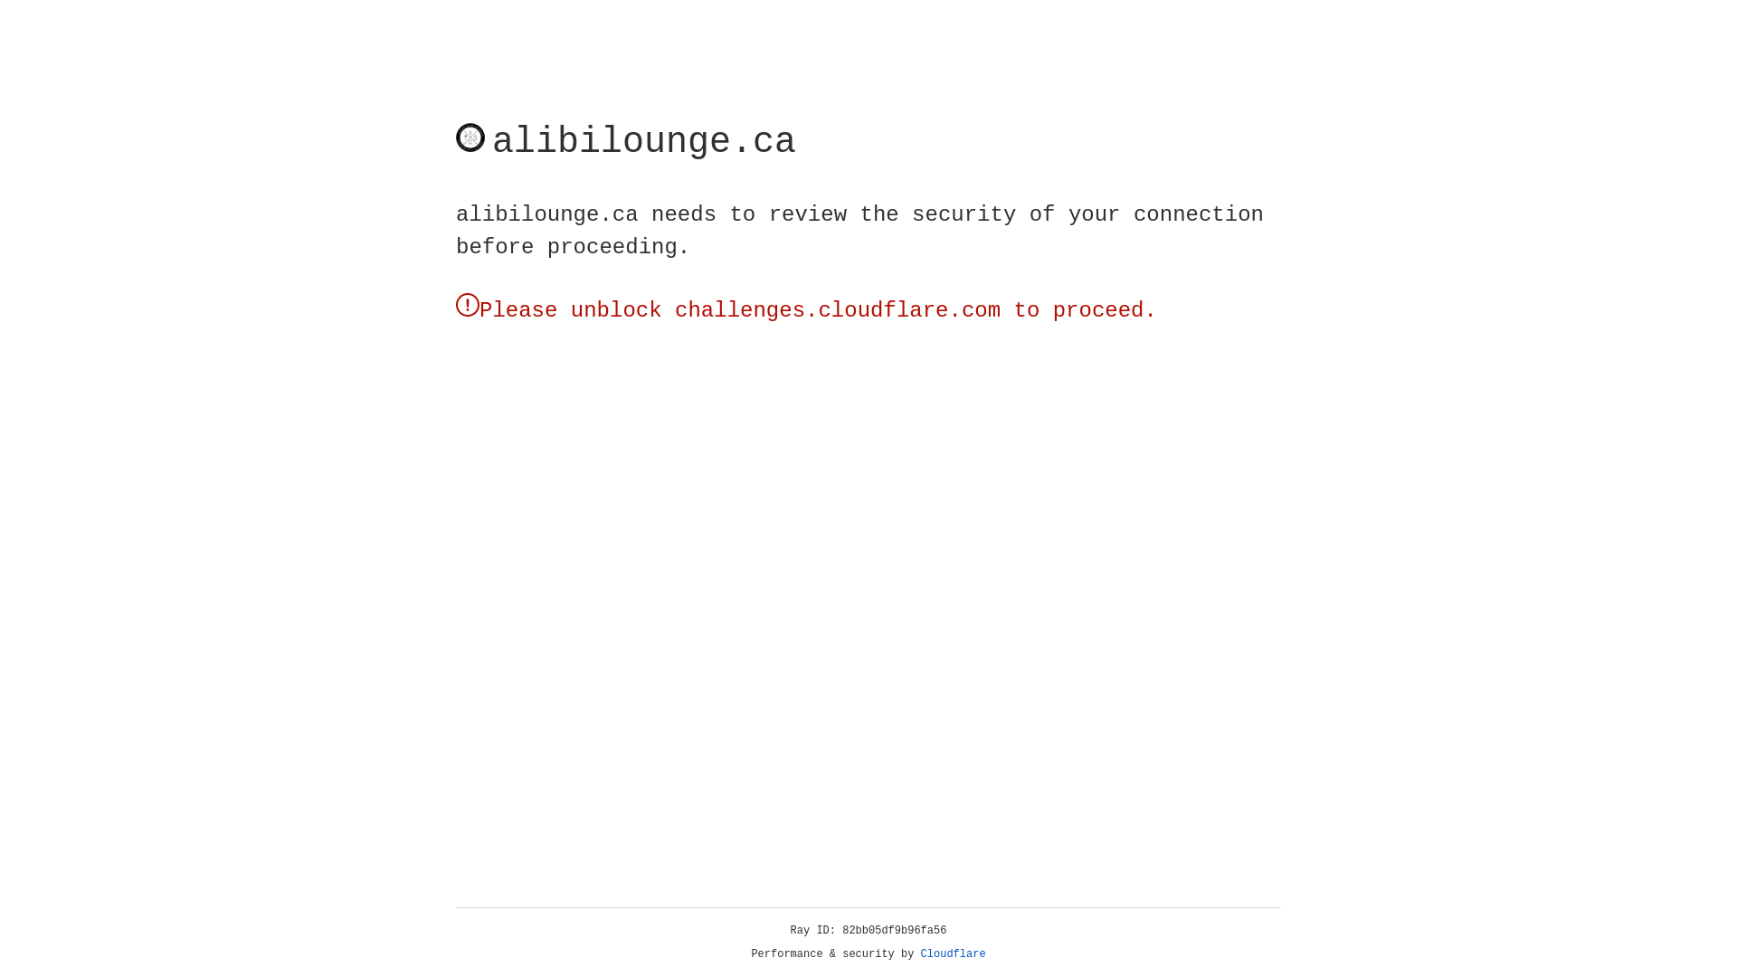  Describe the element at coordinates (953, 953) in the screenshot. I see `'Cloudflare'` at that location.